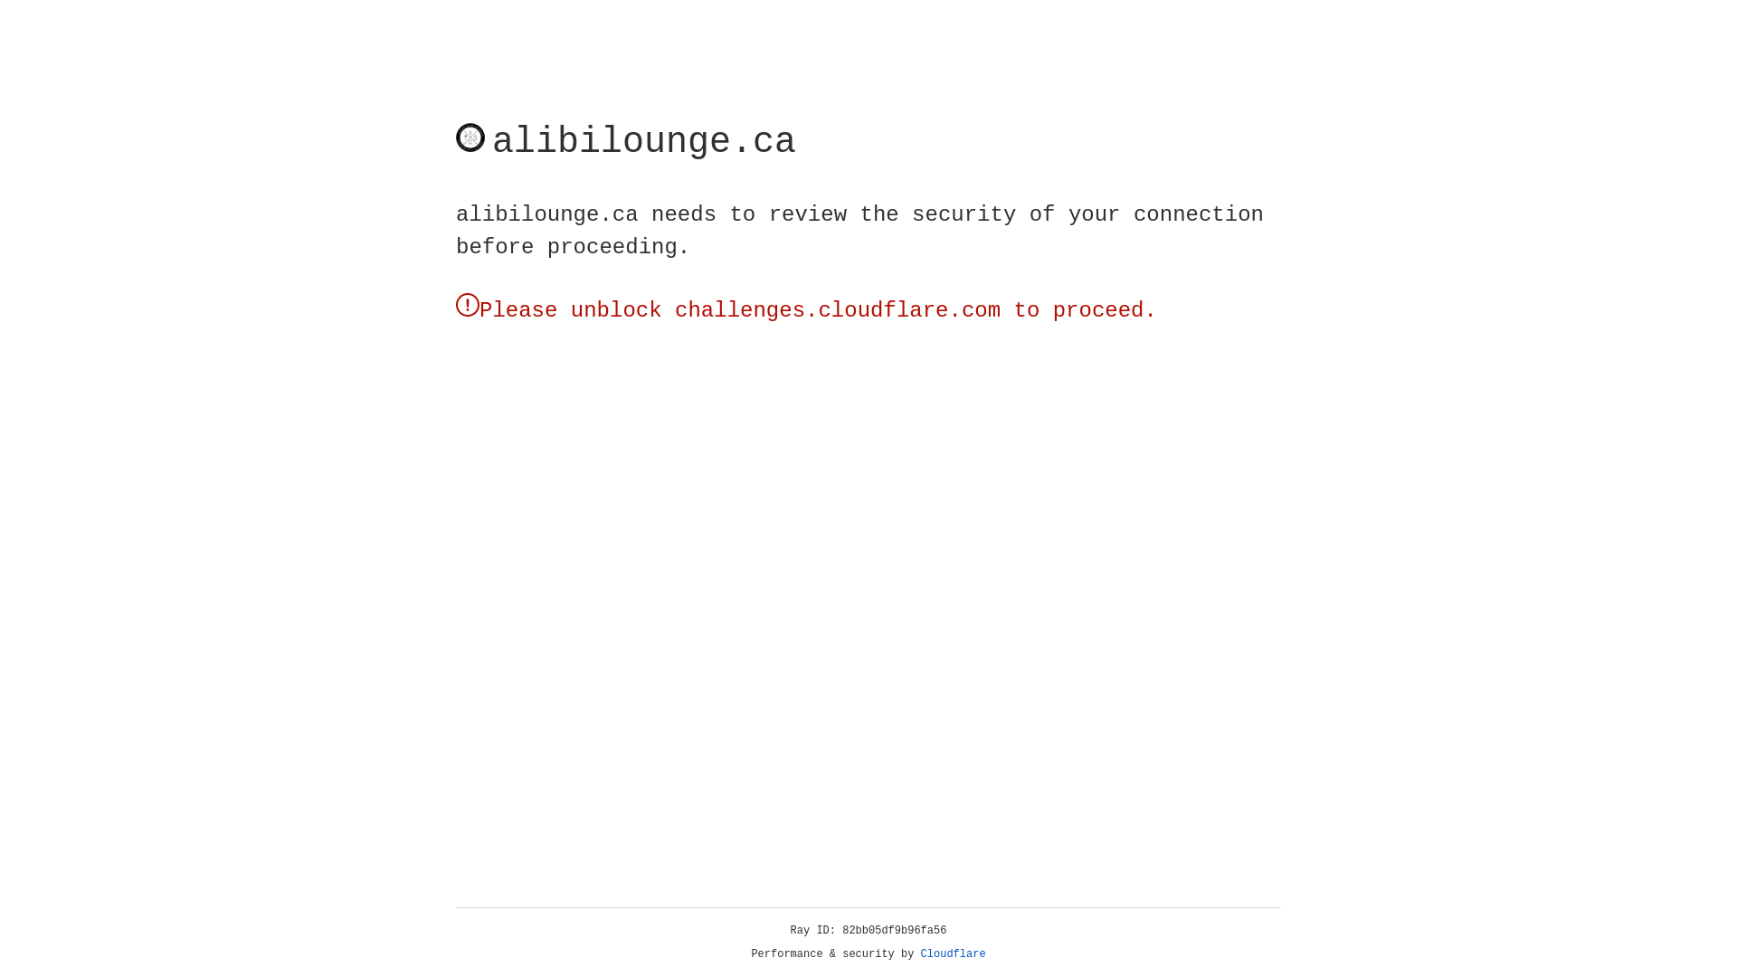  Describe the element at coordinates (953, 953) in the screenshot. I see `'Cloudflare'` at that location.